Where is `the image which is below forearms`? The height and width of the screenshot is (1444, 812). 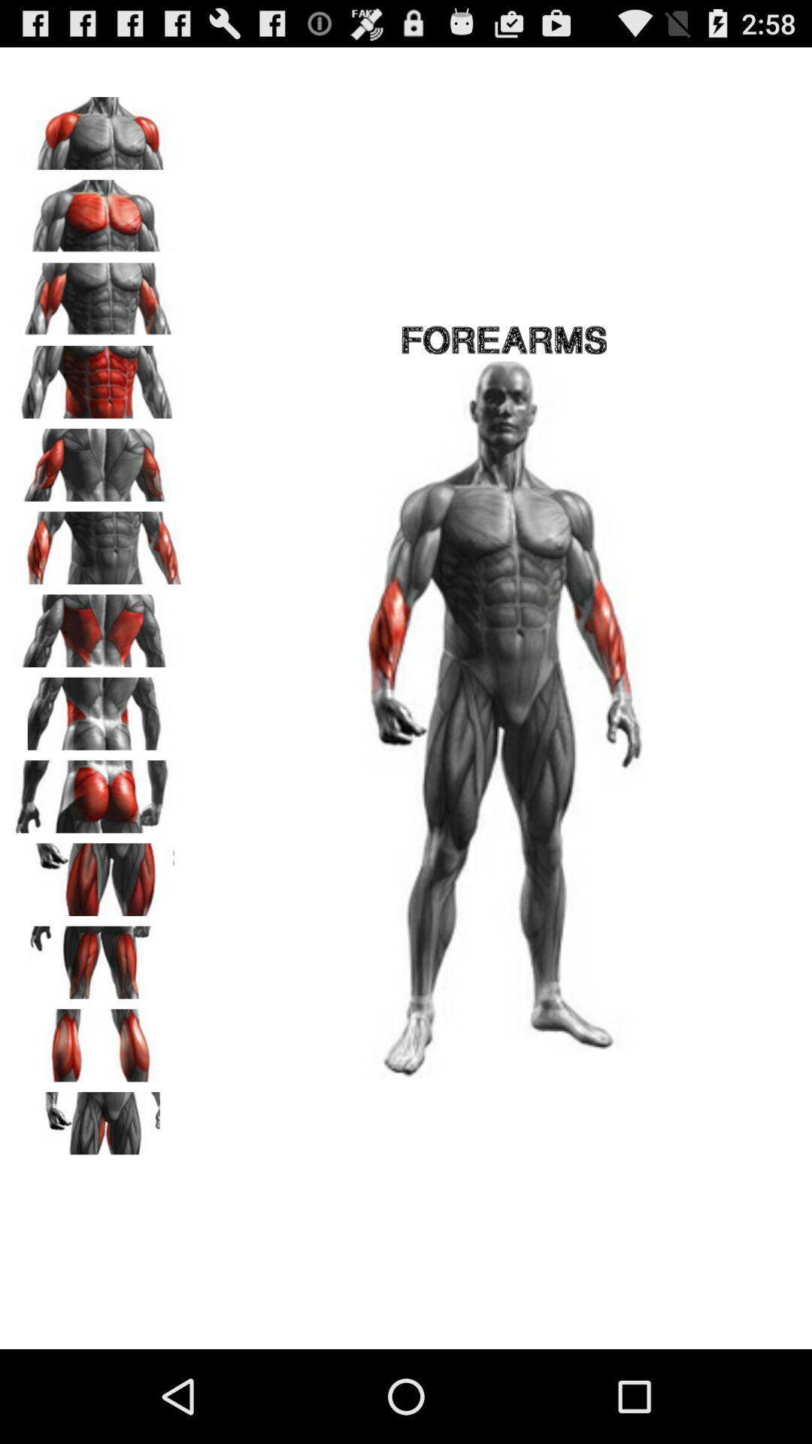 the image which is below forearms is located at coordinates (504, 719).